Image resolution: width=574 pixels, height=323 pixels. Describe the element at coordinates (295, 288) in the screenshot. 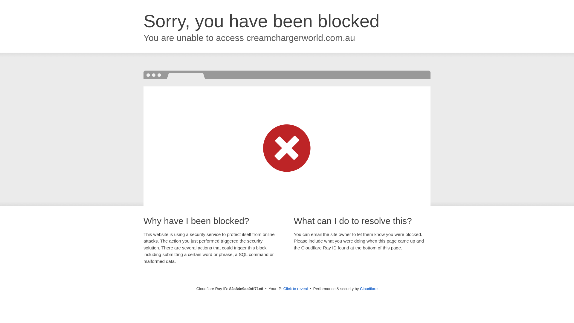

I see `'Click to reveal'` at that location.